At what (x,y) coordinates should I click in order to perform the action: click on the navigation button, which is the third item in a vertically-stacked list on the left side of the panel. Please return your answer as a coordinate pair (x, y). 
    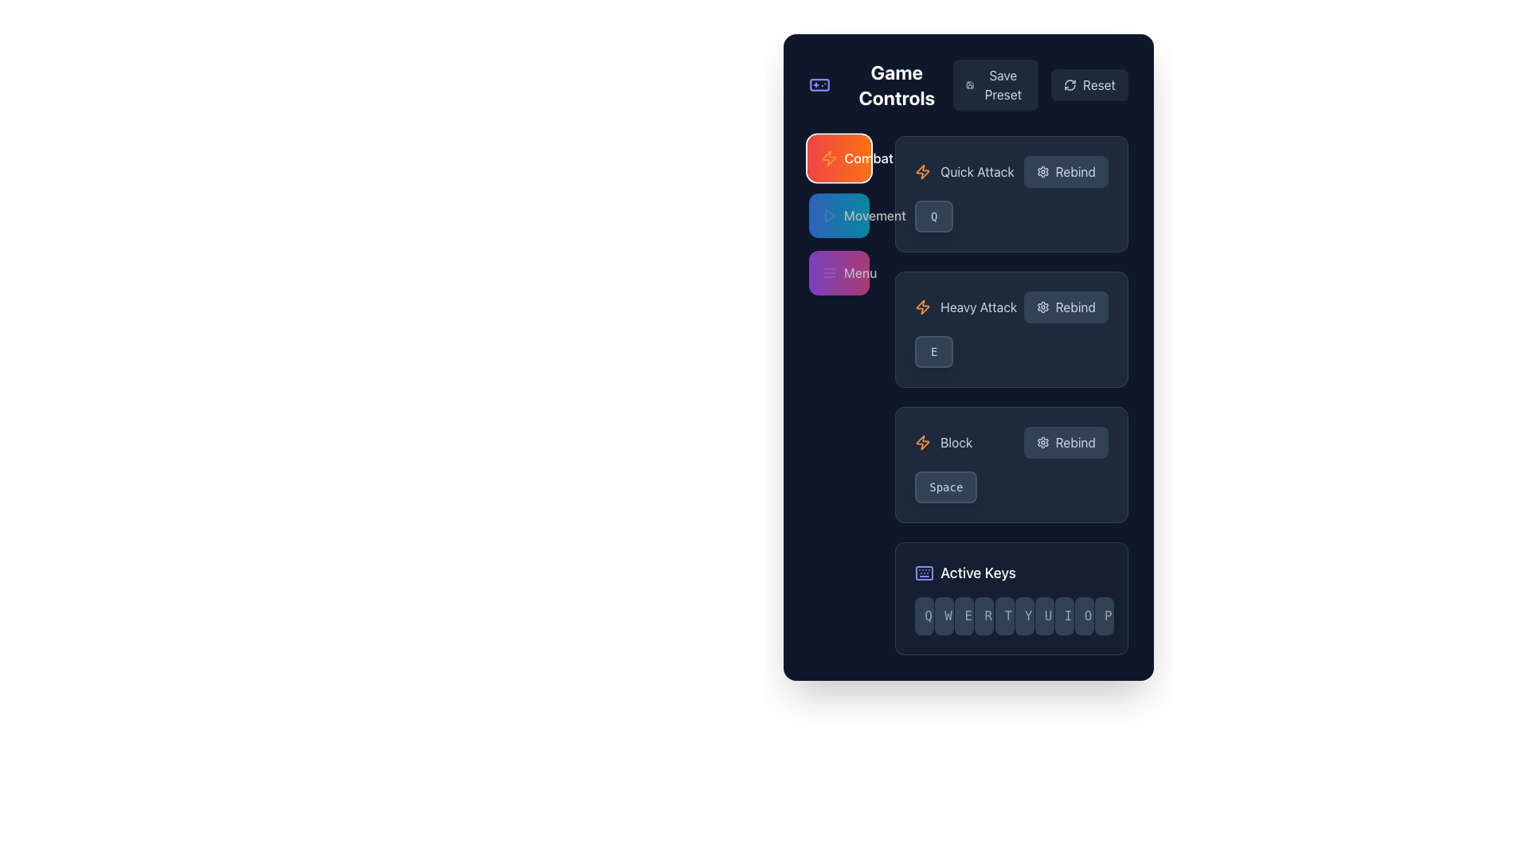
    Looking at the image, I should click on (839, 272).